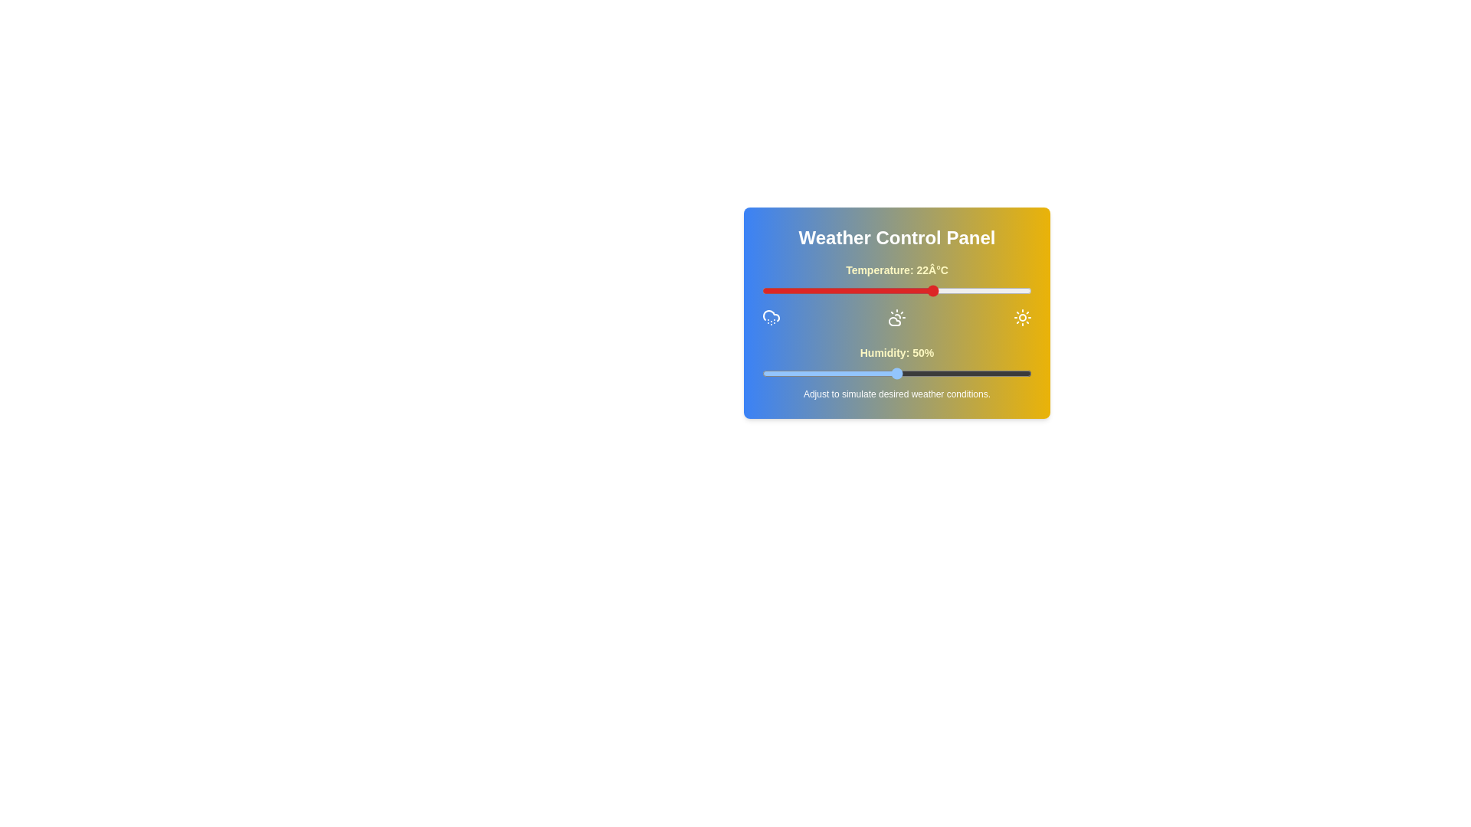 The width and height of the screenshot is (1471, 827). What do you see at coordinates (859, 291) in the screenshot?
I see `temperature` at bounding box center [859, 291].